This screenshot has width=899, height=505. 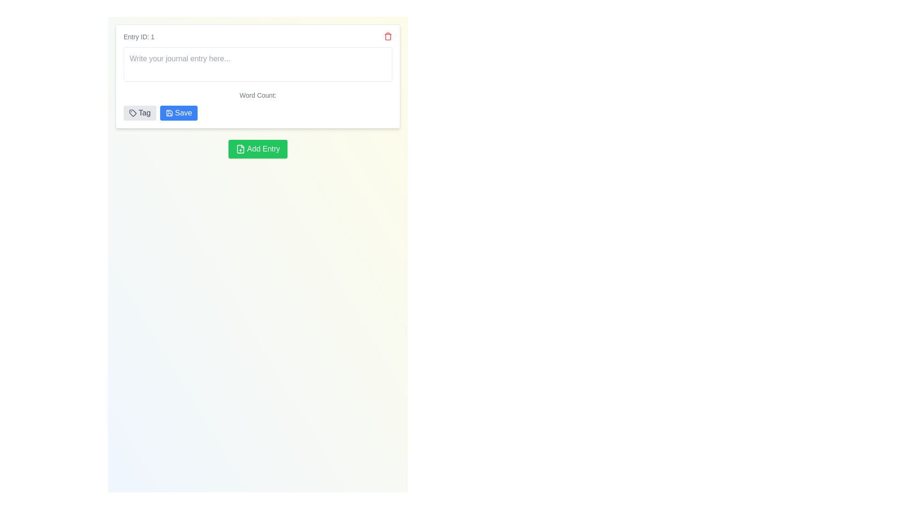 What do you see at coordinates (388, 36) in the screenshot?
I see `the trash can icon button located on the far-right side of the section labeled 'Entry ID: 1'` at bounding box center [388, 36].